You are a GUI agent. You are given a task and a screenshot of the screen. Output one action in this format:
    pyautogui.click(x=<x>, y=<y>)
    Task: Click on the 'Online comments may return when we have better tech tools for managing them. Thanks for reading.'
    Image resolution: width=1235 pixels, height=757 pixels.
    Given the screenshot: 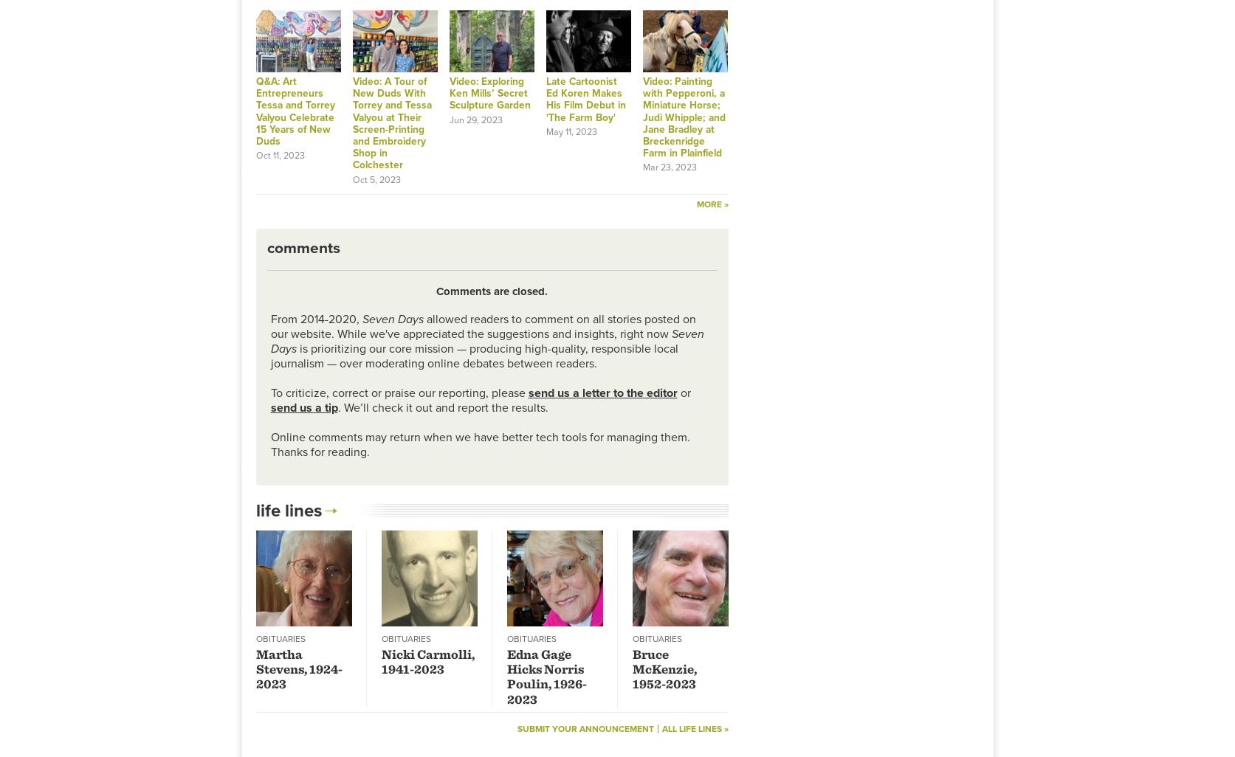 What is the action you would take?
    pyautogui.click(x=478, y=443)
    